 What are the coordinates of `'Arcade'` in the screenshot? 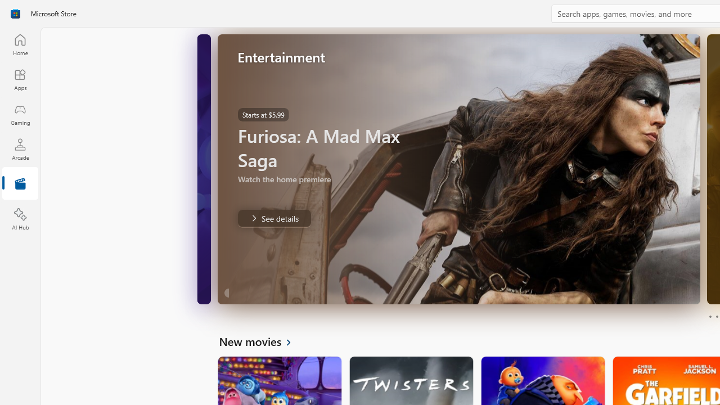 It's located at (20, 148).